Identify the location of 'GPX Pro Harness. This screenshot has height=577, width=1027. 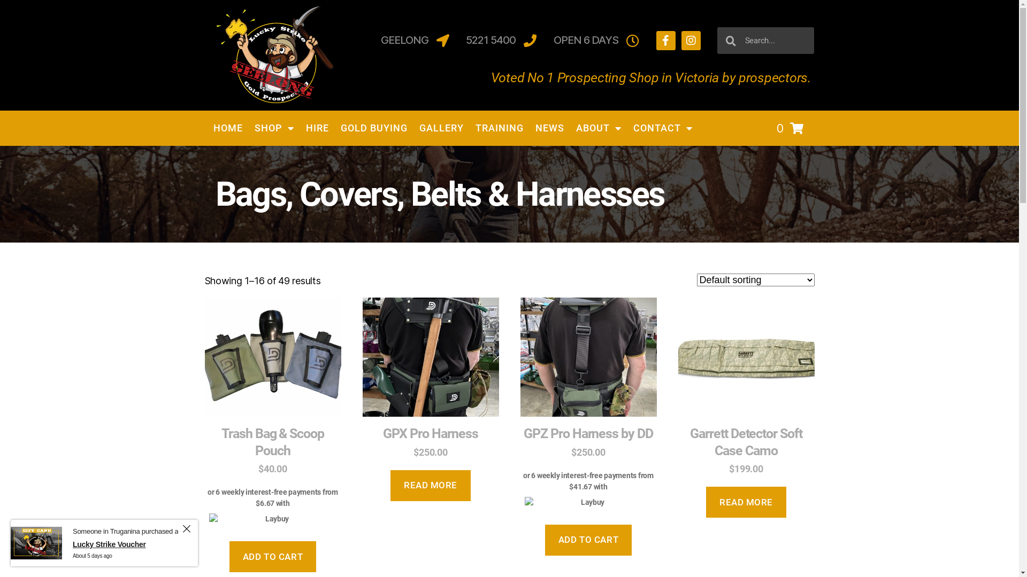
(362, 377).